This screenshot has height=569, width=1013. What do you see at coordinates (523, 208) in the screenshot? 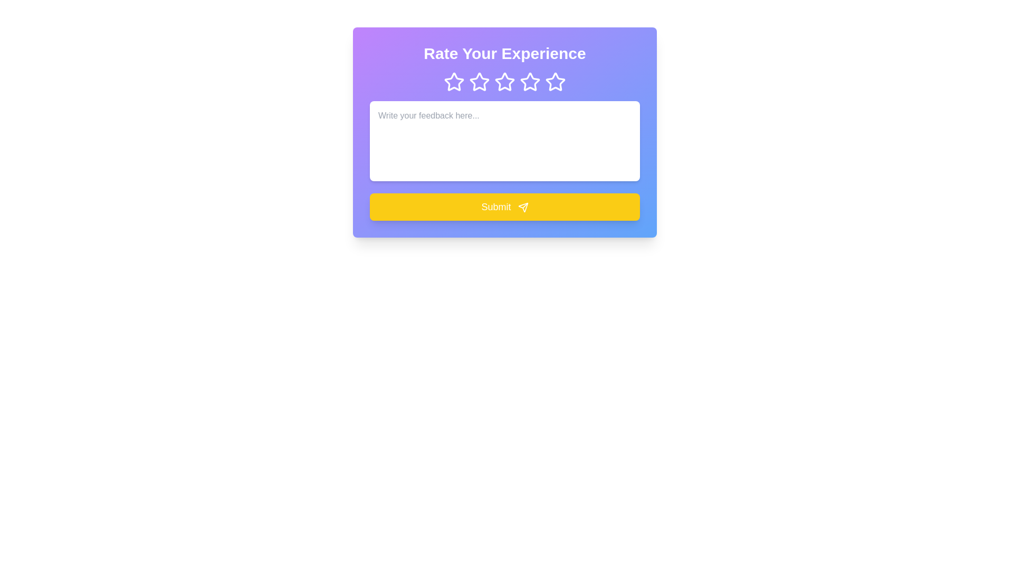
I see `the graphical representation of the small triangular 'send' icon with a yellow background and white borders, located inside the 'Submit' button` at bounding box center [523, 208].